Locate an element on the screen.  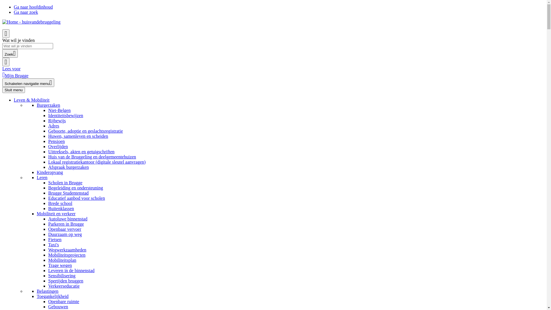
'Kinderopvang' is located at coordinates (50, 172).